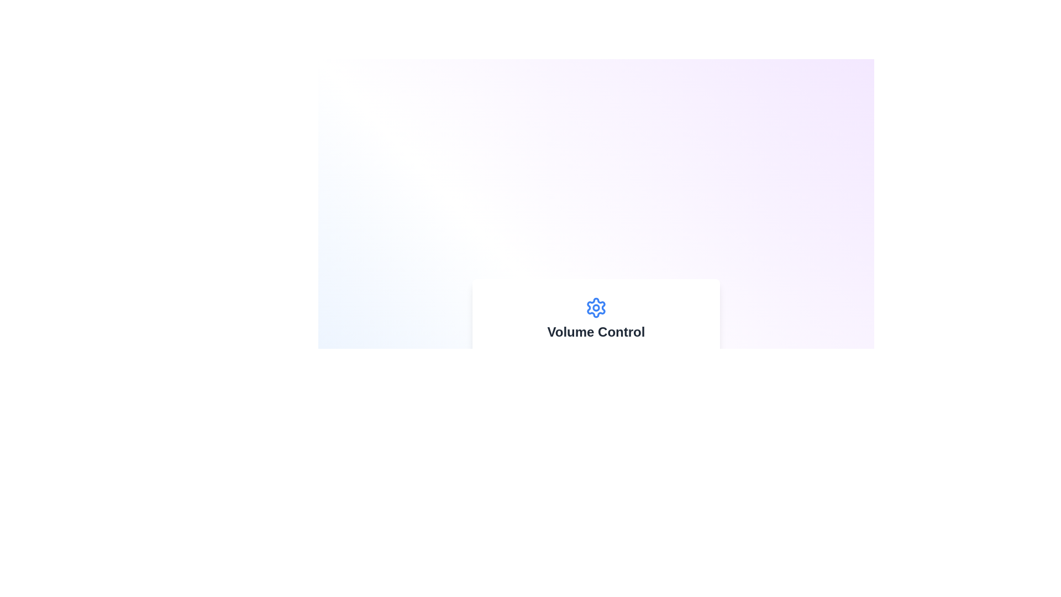 This screenshot has height=597, width=1061. What do you see at coordinates (596, 307) in the screenshot?
I see `the small circular SVG element located at the center of the blue gear icon above the 'Volume Control' text` at bounding box center [596, 307].